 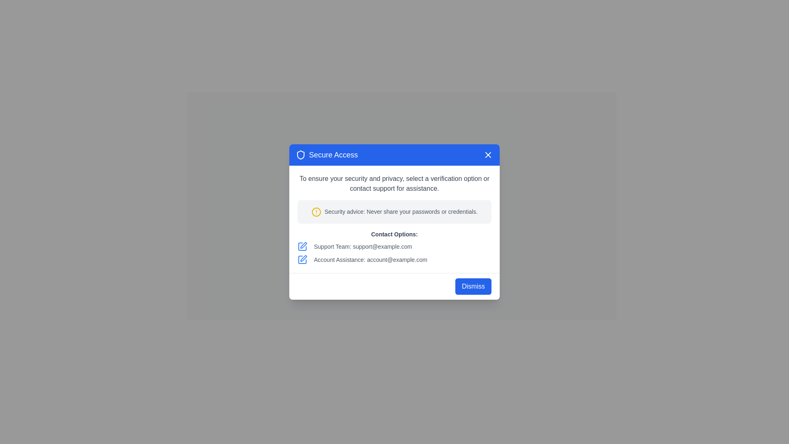 I want to click on the editing icon located at the top-left corner next to the 'Account Assistance: account@example.com' text to interact with the account assistance section, so click(x=302, y=259).